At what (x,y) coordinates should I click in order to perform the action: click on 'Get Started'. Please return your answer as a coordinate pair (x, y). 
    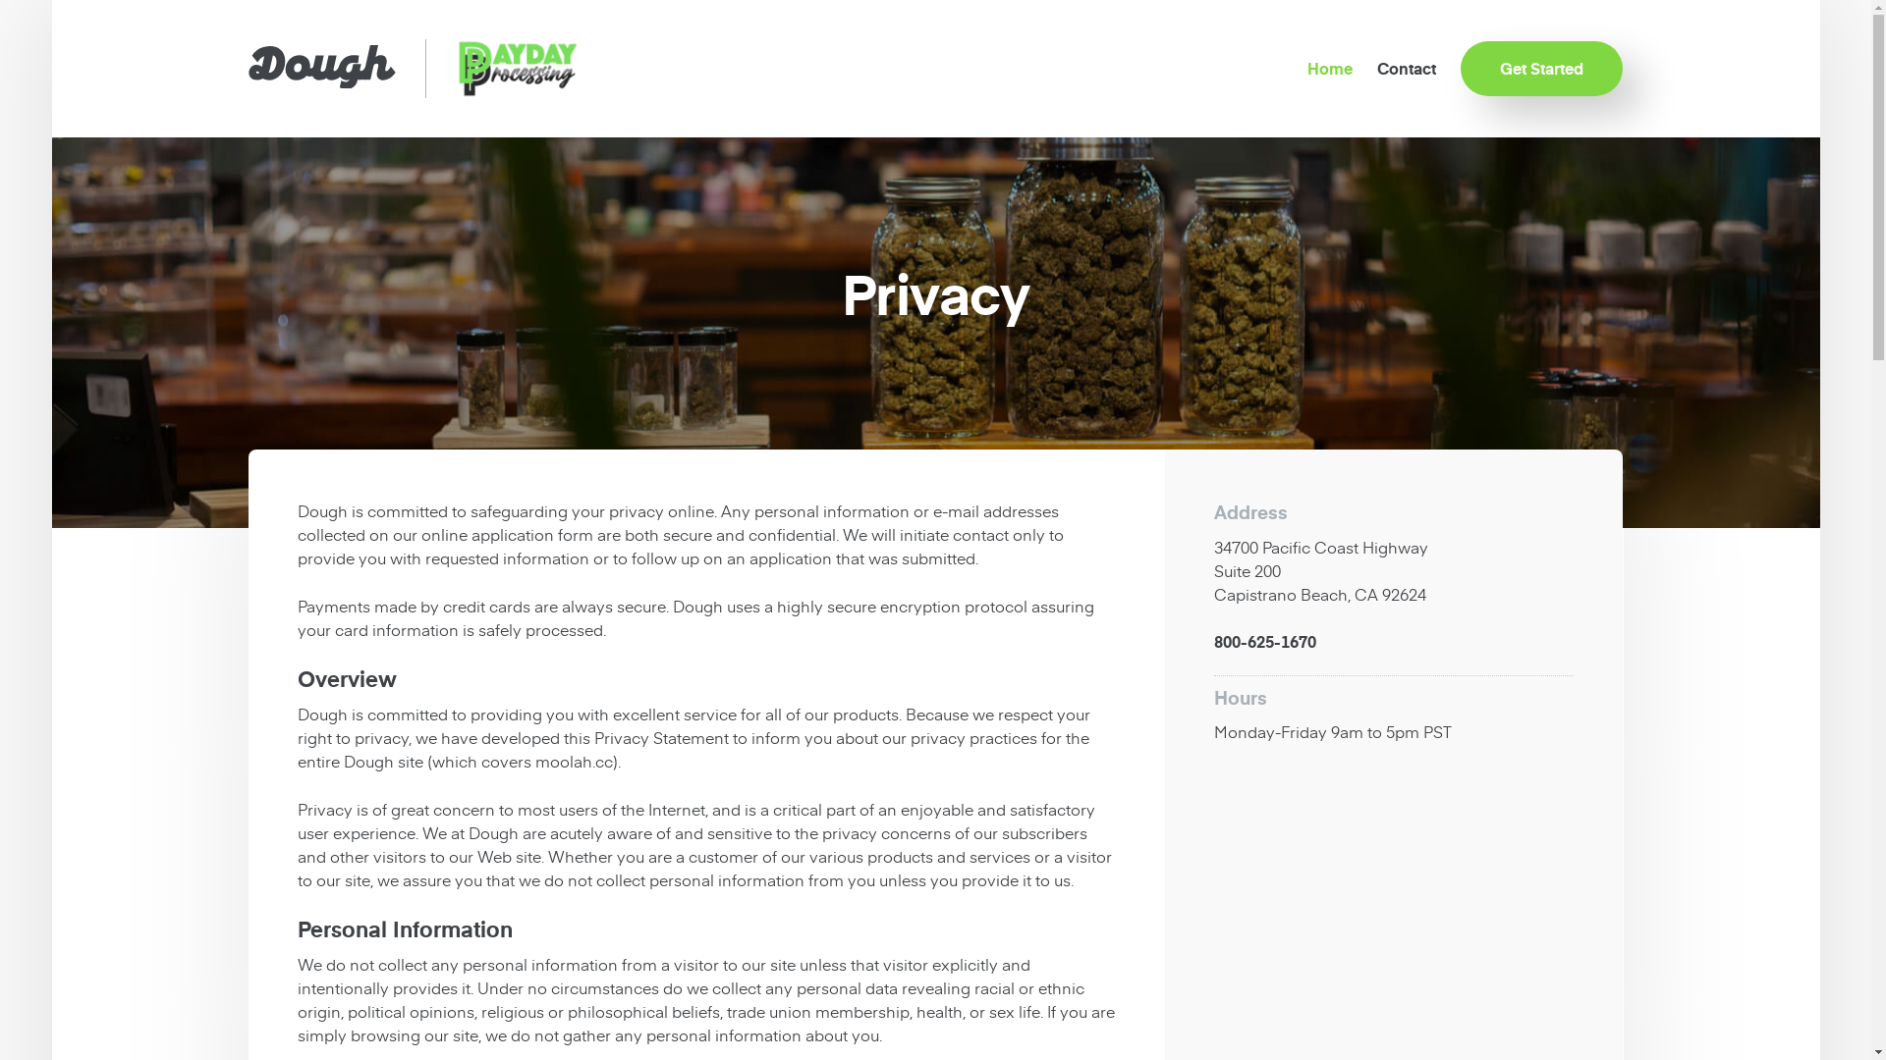
    Looking at the image, I should click on (1540, 67).